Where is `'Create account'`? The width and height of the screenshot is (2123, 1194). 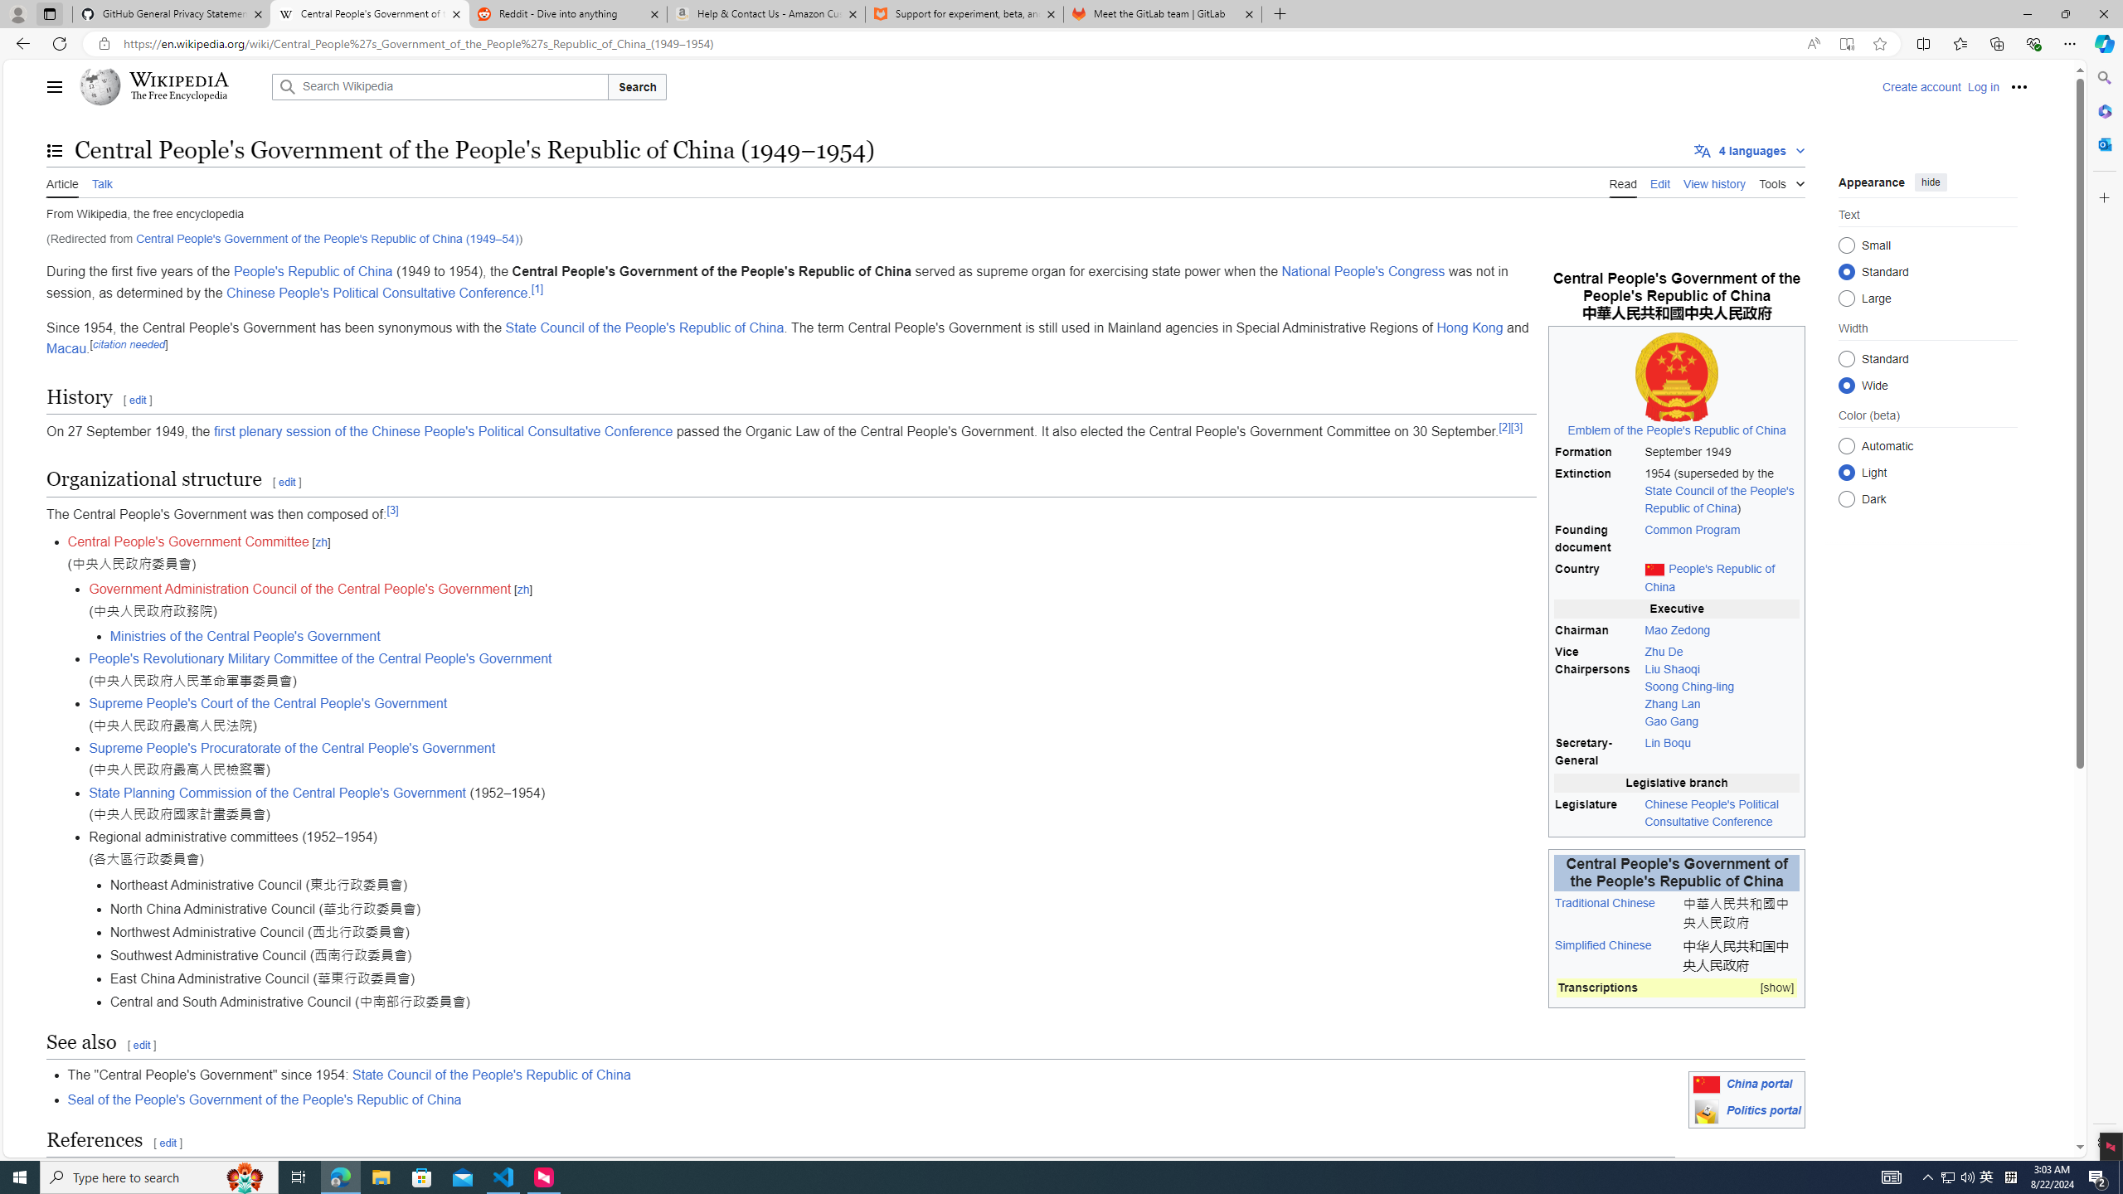 'Create account' is located at coordinates (1920, 85).